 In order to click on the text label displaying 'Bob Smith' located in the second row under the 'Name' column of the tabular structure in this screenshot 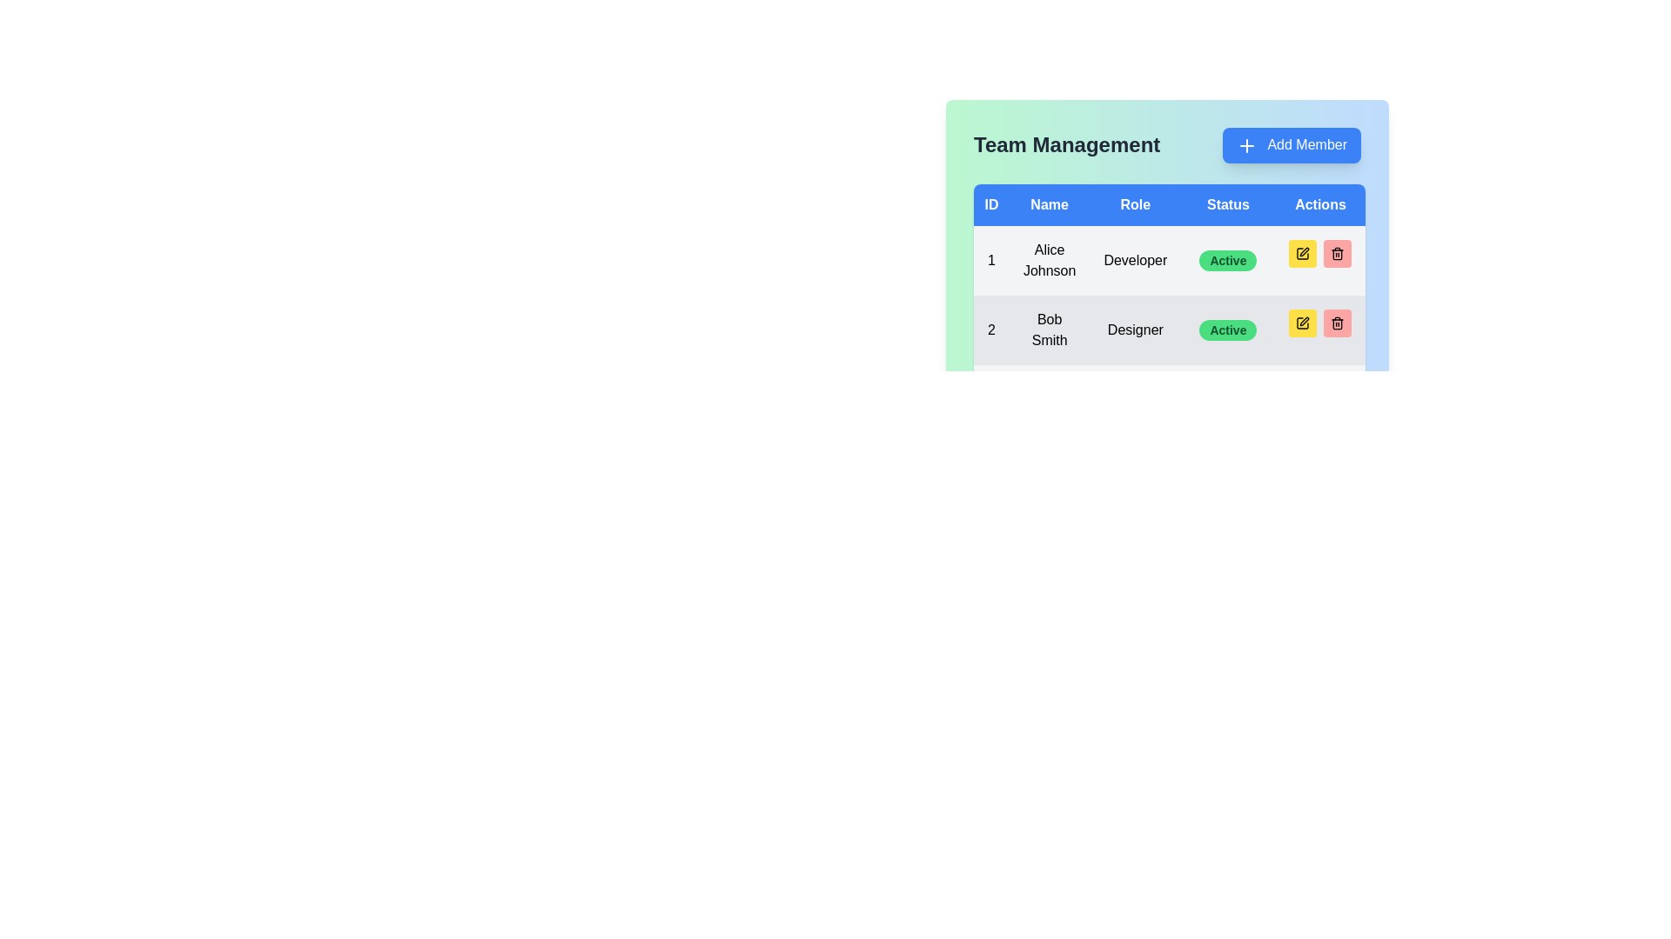, I will do `click(1049, 330)`.